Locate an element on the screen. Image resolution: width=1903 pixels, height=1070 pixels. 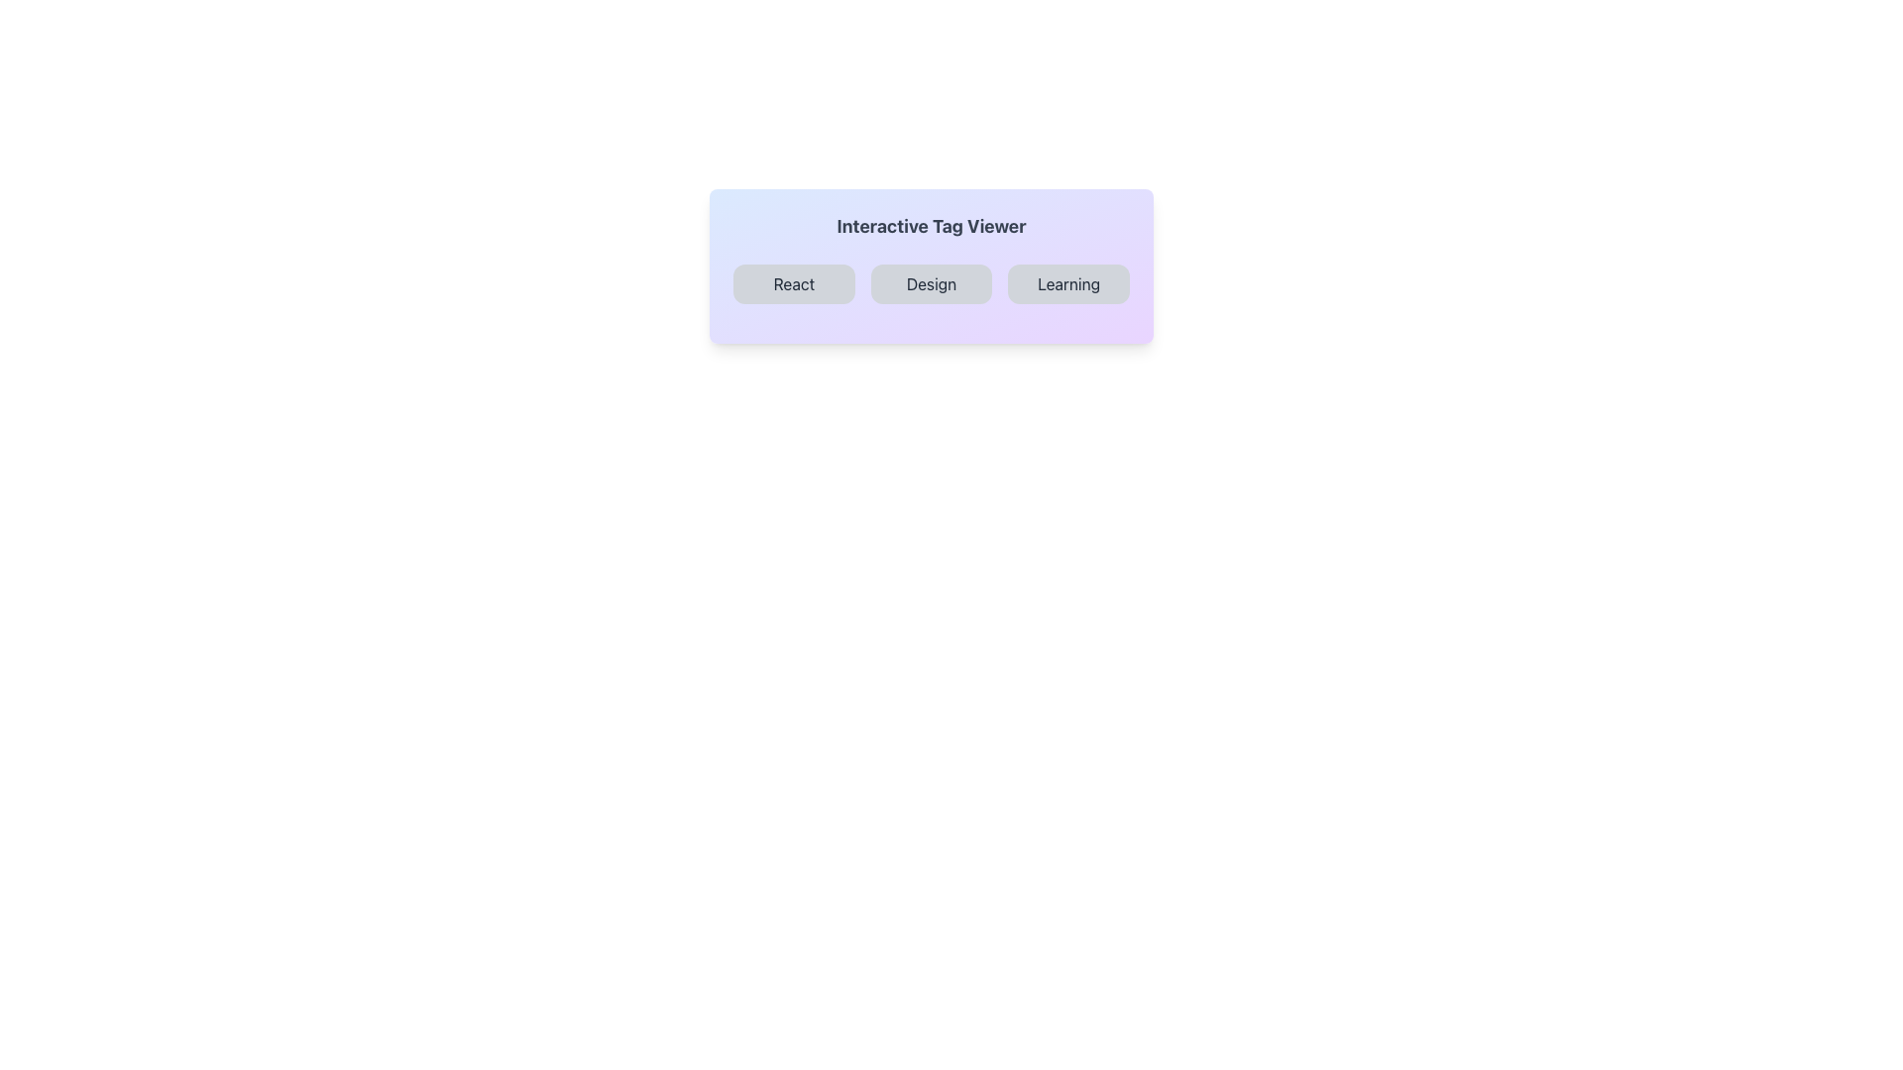
the 'Design' tag, which is a button-like UI component with a gray background and darker gray text, located in the center of a row of three similar elements within the 'Interactive Tag Viewer' subsection is located at coordinates (931, 291).